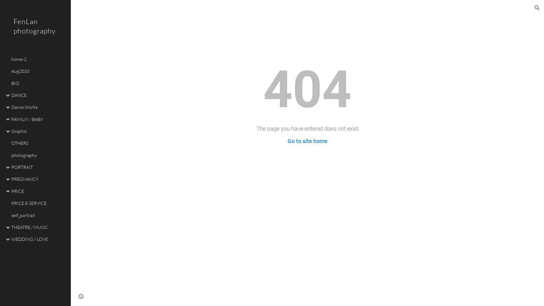 This screenshot has width=544, height=306. Describe the element at coordinates (39, 95) in the screenshot. I see `'DANCE'` at that location.